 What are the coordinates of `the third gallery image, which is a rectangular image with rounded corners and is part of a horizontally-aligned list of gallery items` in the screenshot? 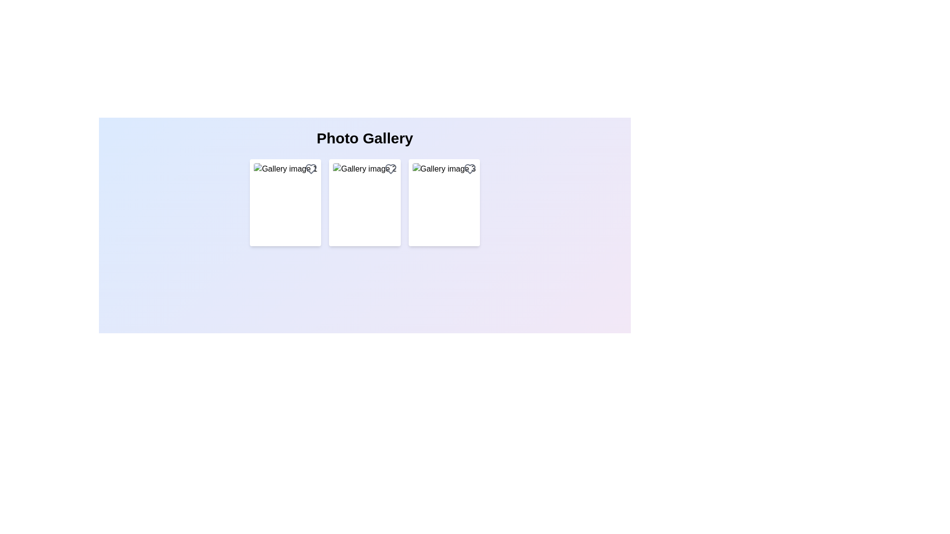 It's located at (443, 202).